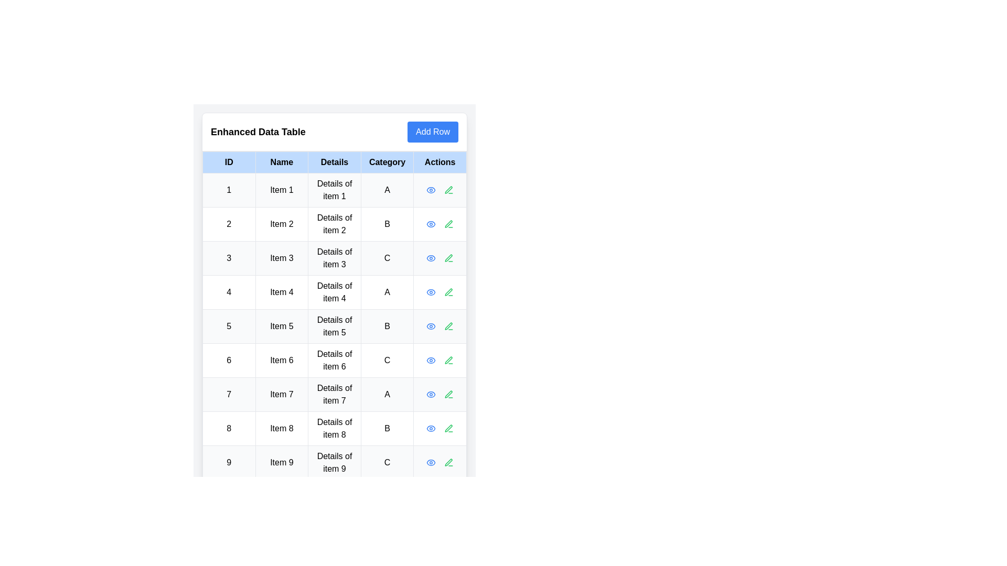 Image resolution: width=1007 pixels, height=566 pixels. I want to click on the text label displaying the letter 'B' in the 'Category' column of the row labeled 'Item 5', so click(387, 326).